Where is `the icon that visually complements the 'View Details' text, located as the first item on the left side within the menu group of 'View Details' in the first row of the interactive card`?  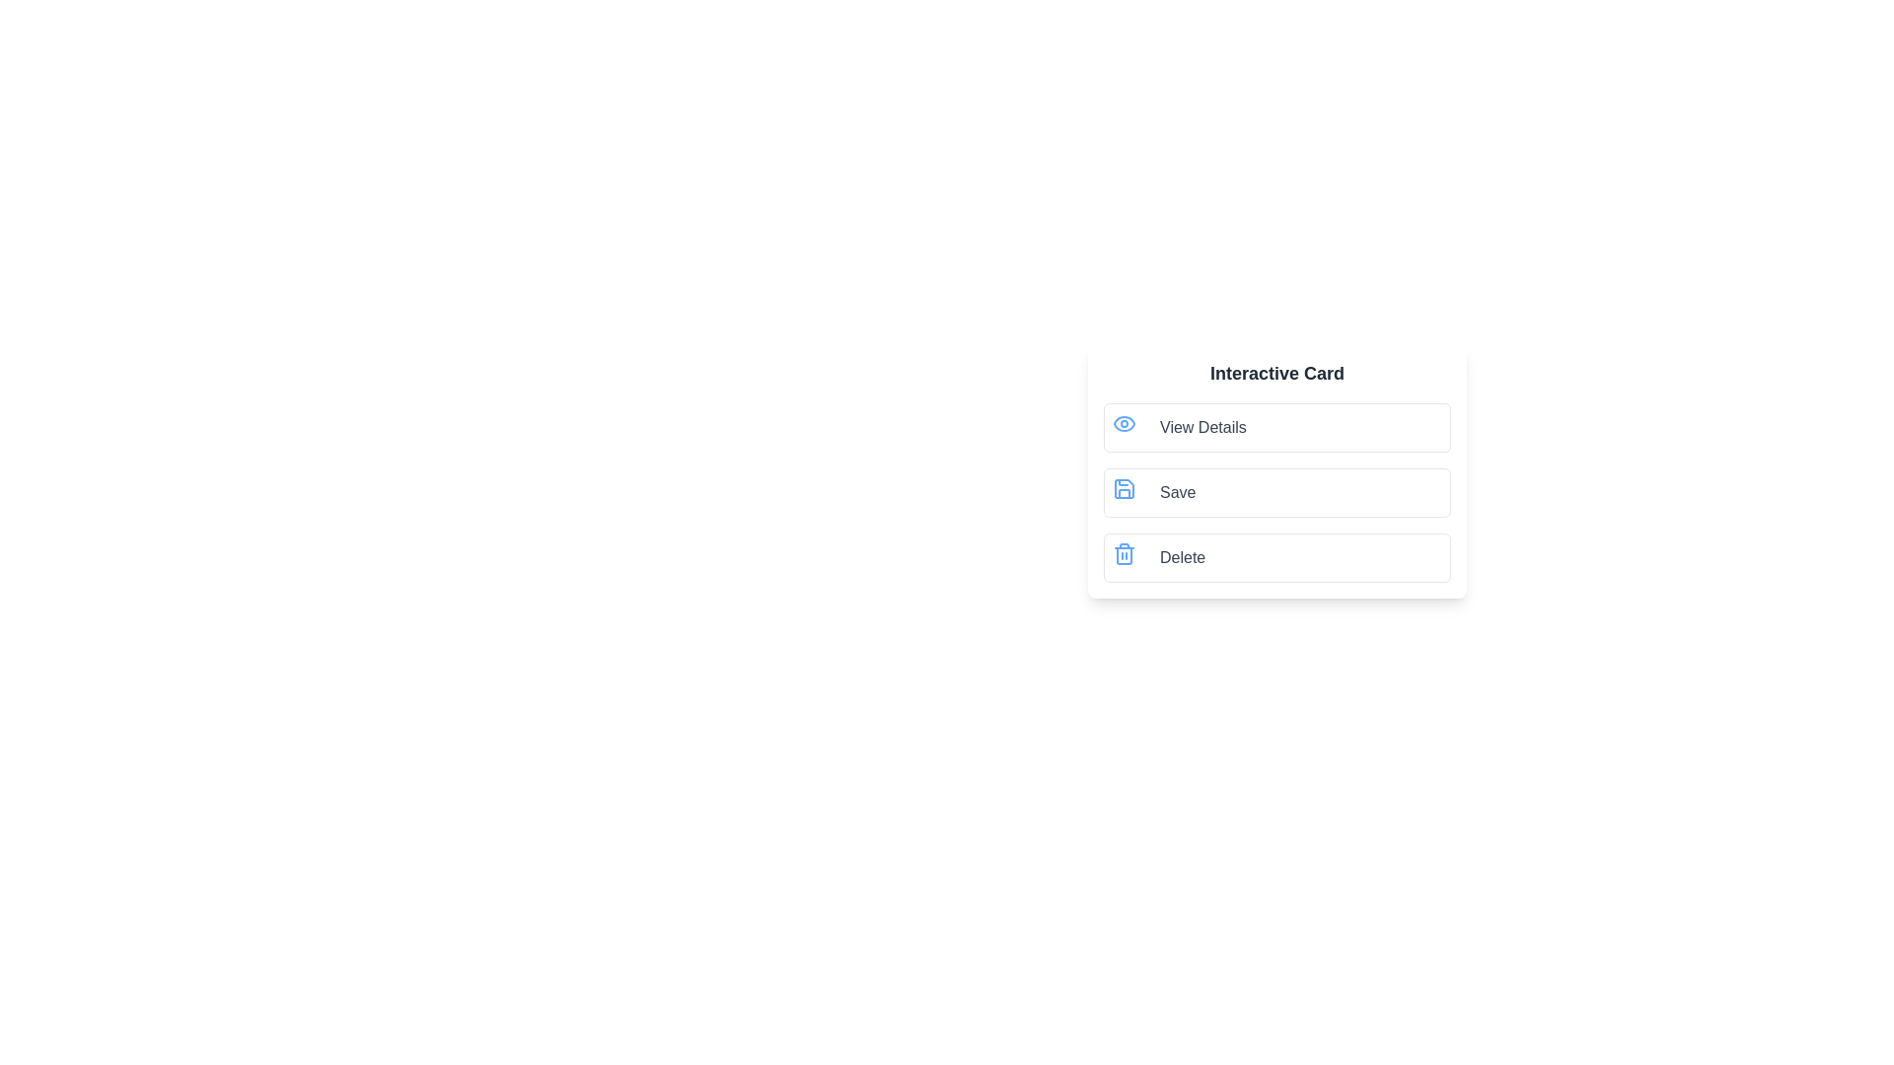 the icon that visually complements the 'View Details' text, located as the first item on the left side within the menu group of 'View Details' in the first row of the interactive card is located at coordinates (1128, 427).